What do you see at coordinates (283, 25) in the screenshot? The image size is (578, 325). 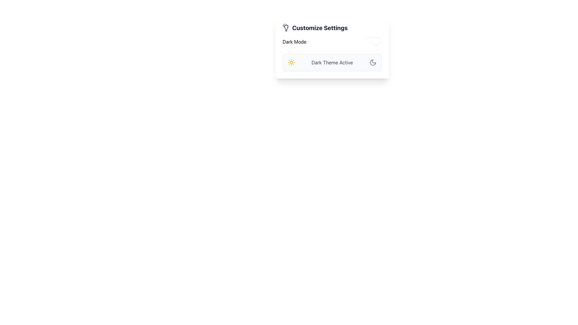 I see `the chevron left icon inside the 'Customize Settings' interface` at bounding box center [283, 25].